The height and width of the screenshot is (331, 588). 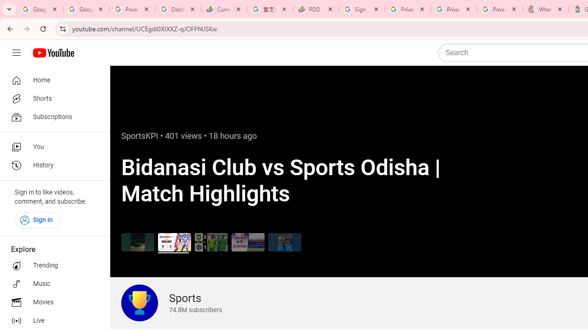 I want to click on 'Home', so click(x=51, y=80).